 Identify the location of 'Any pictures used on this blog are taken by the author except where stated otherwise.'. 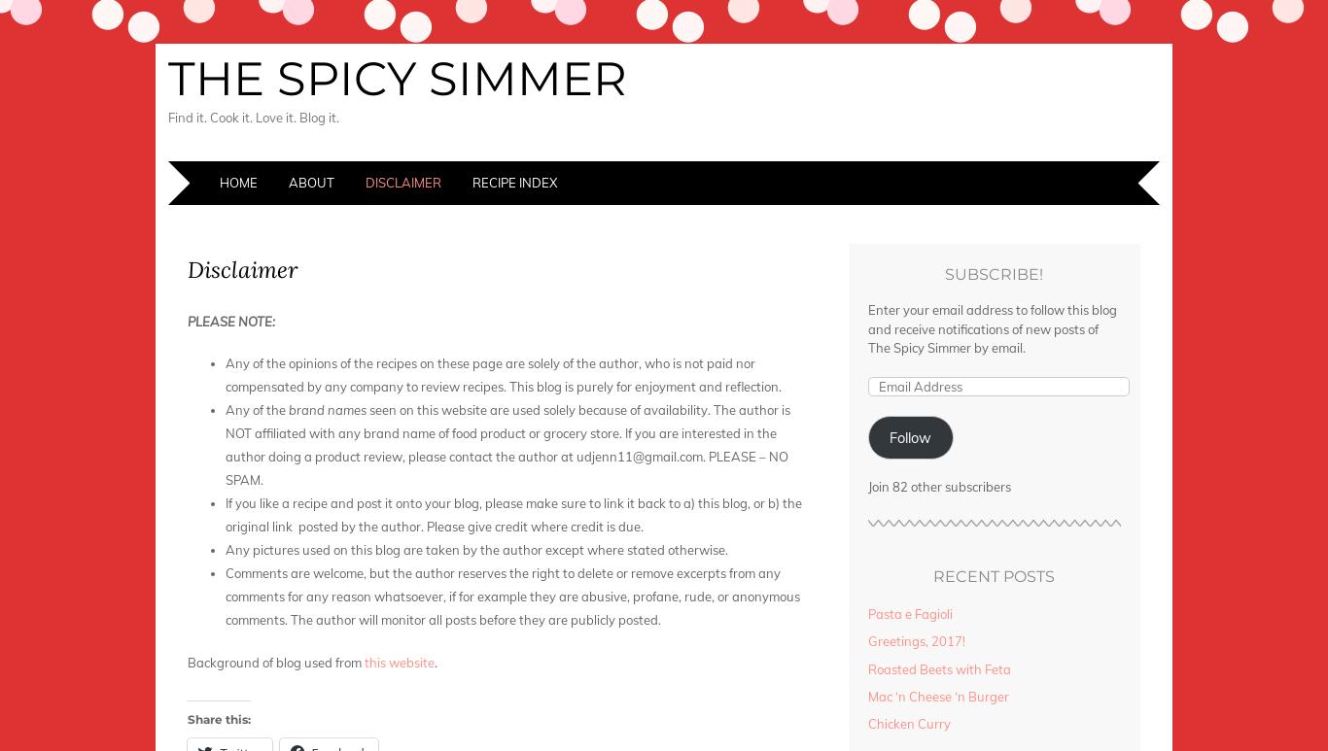
(476, 549).